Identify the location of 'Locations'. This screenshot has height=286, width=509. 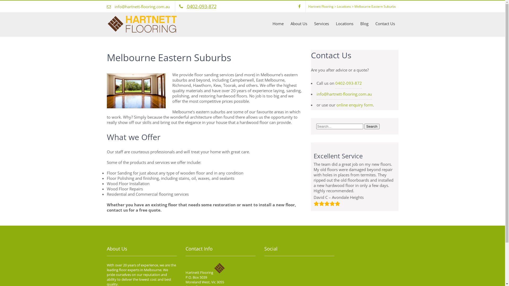
(344, 6).